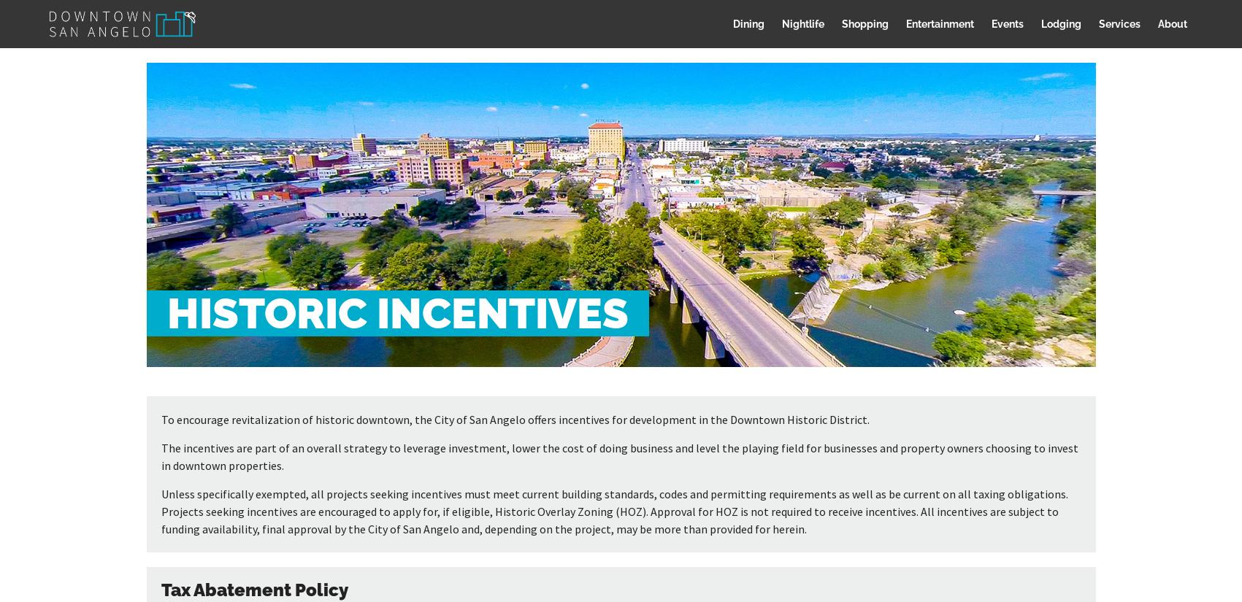  I want to click on 'Shopping', so click(864, 23).